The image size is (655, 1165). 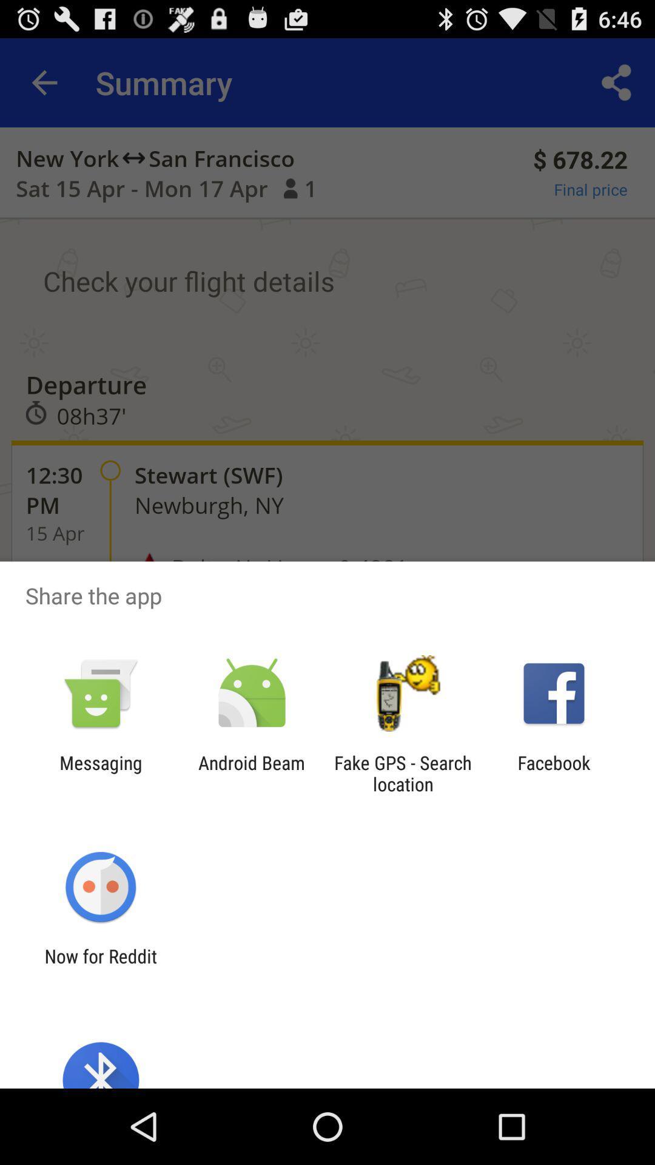 What do you see at coordinates (251, 773) in the screenshot?
I see `the icon to the right of the messaging icon` at bounding box center [251, 773].